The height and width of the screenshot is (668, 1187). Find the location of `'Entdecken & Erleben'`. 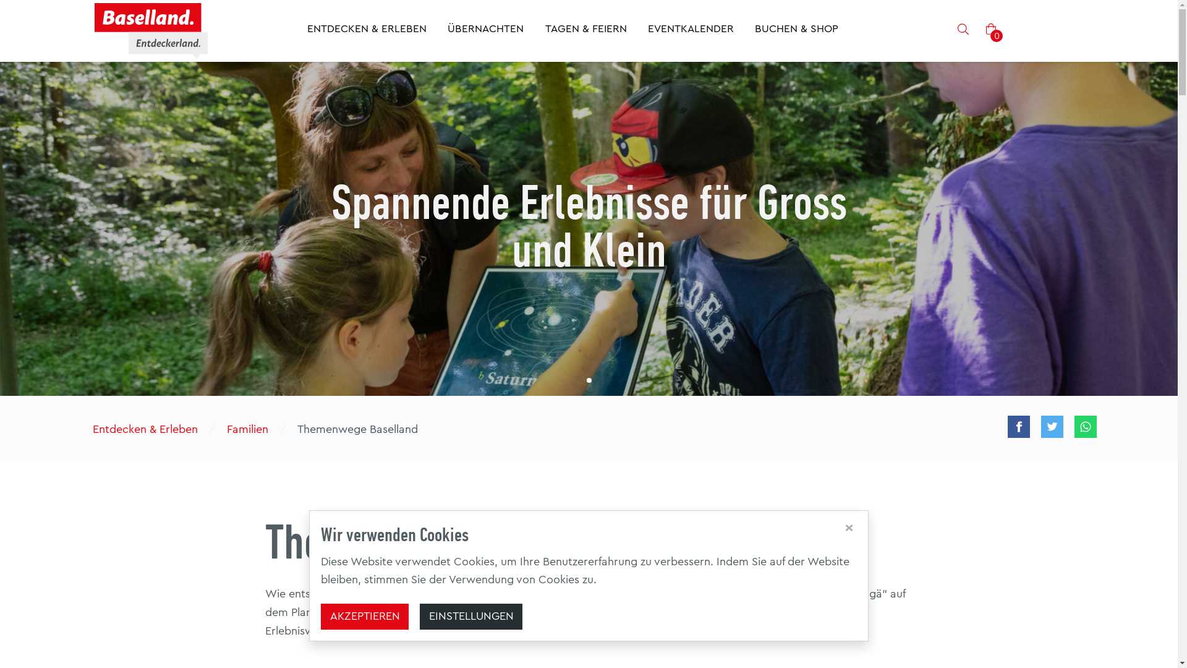

'Entdecken & Erleben' is located at coordinates (85, 428).